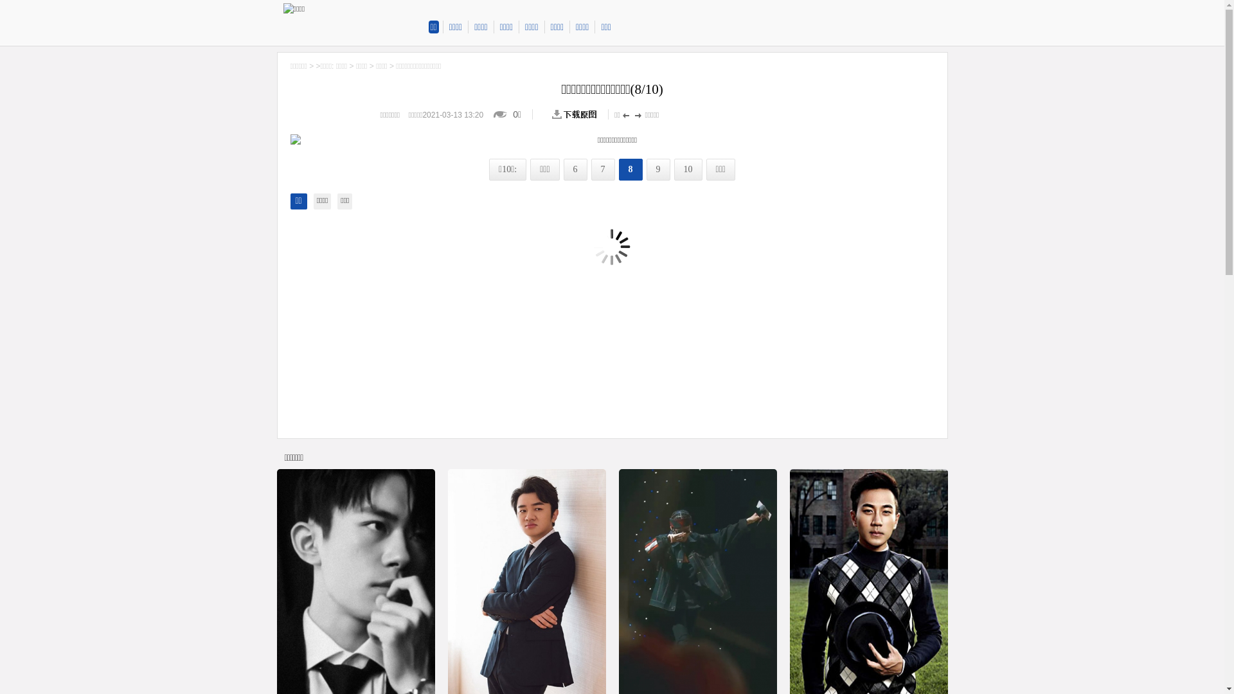 This screenshot has width=1234, height=694. Describe the element at coordinates (602, 168) in the screenshot. I see `'7'` at that location.